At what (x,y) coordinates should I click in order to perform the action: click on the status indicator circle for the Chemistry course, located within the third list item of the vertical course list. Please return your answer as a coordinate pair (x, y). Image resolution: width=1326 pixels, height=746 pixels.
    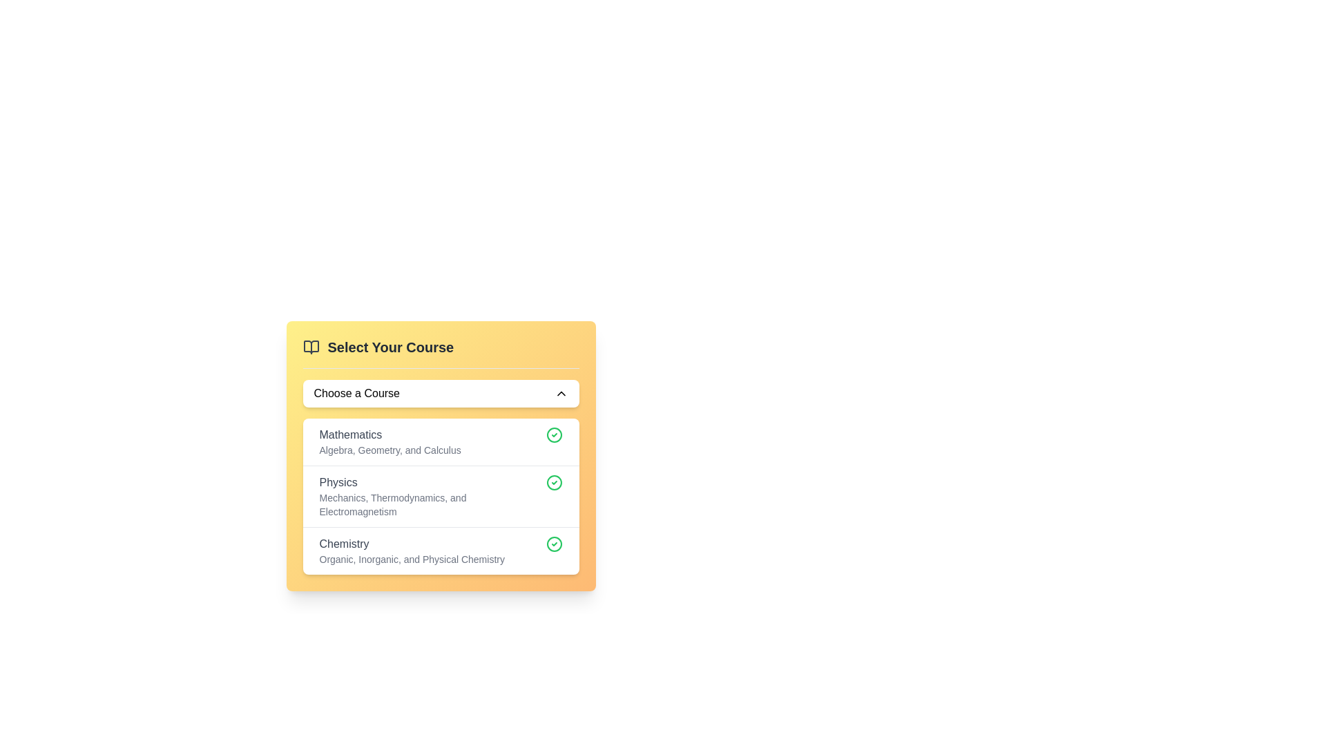
    Looking at the image, I should click on (554, 543).